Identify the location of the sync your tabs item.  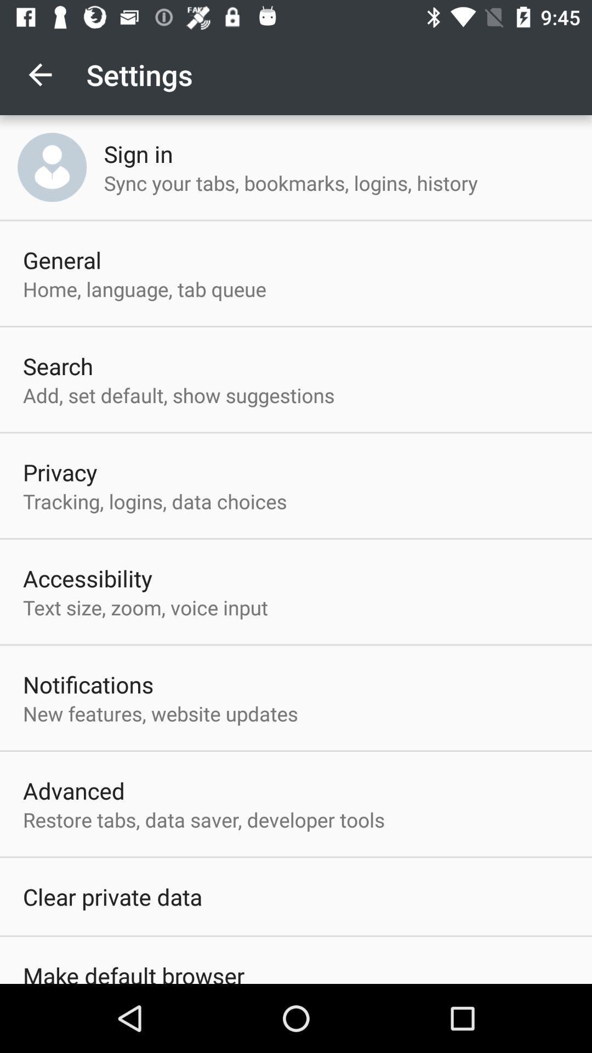
(290, 183).